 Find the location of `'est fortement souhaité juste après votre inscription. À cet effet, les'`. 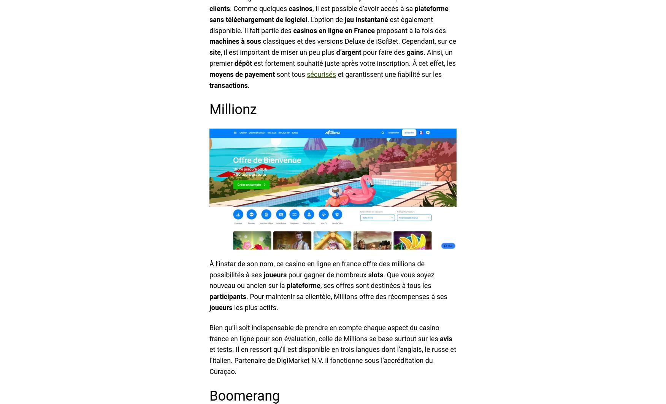

'est fortement souhaité juste après votre inscription. À cet effet, les' is located at coordinates (354, 63).